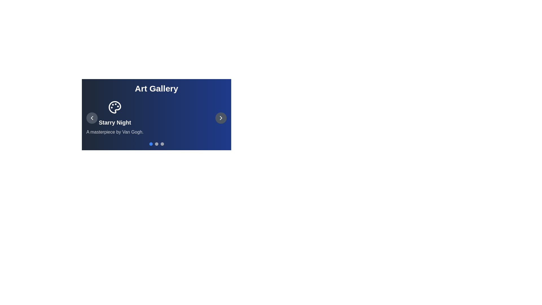 The image size is (542, 305). Describe the element at coordinates (162, 143) in the screenshot. I see `the indicator dot corresponding to 2` at that location.